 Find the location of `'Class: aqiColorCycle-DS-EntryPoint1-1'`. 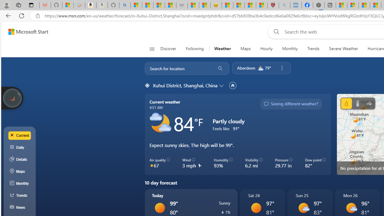

'Class: aqiColorCycle-DS-EntryPoint1-1' is located at coordinates (151, 165).